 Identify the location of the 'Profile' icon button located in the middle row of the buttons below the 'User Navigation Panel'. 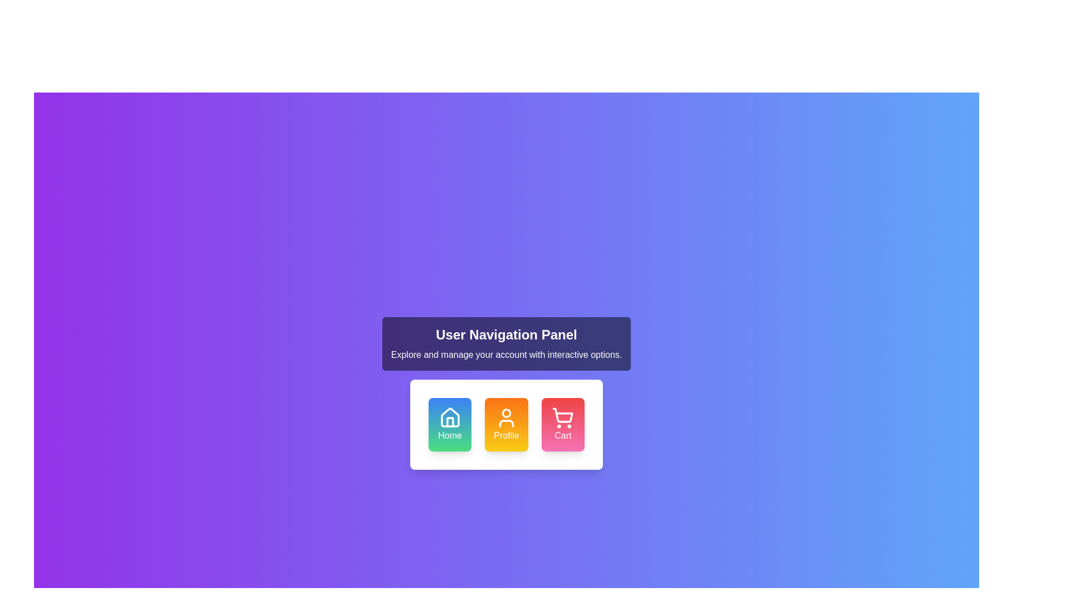
(505, 417).